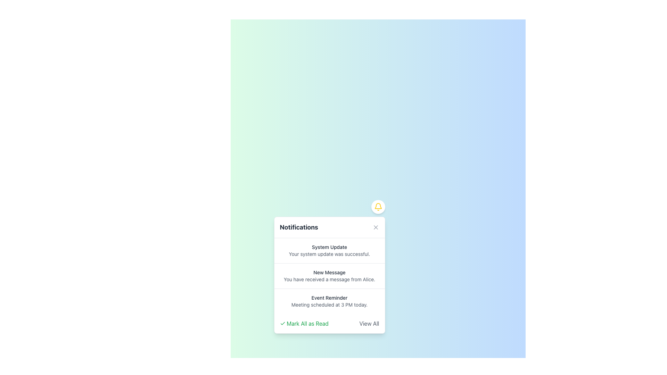 The width and height of the screenshot is (667, 375). Describe the element at coordinates (304, 324) in the screenshot. I see `the actionable button with an icon and text located to the left side of the bottom area of the notification pop-up to mark all notifications as read` at that location.